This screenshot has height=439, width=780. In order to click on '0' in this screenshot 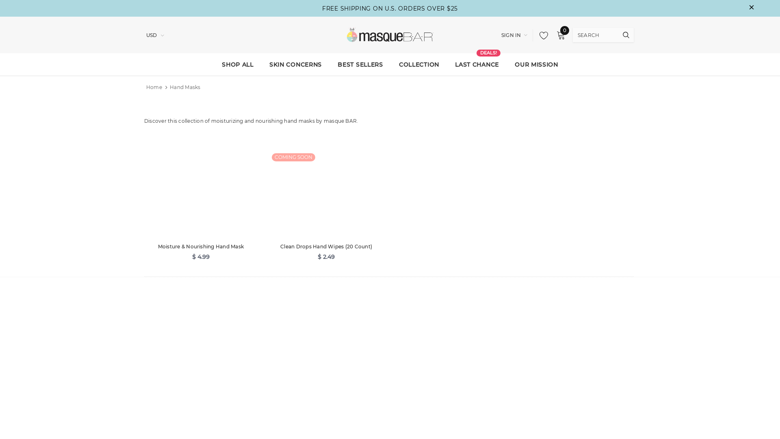, I will do `click(561, 35)`.